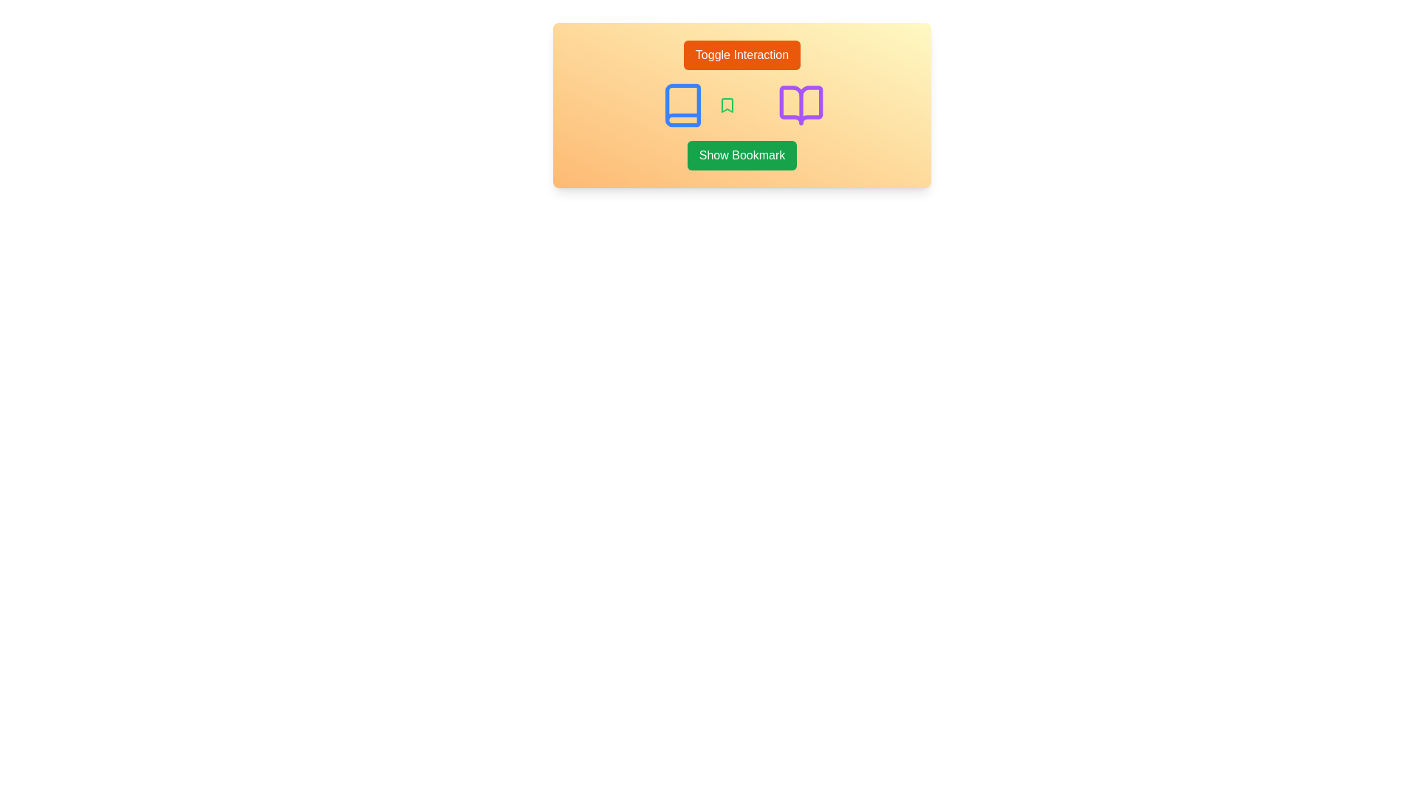 Image resolution: width=1418 pixels, height=797 pixels. Describe the element at coordinates (741, 156) in the screenshot. I see `the green rectangular button labeled 'Show Bookmark' to observe the hover effect that changes its color to a lighter shade of green` at that location.